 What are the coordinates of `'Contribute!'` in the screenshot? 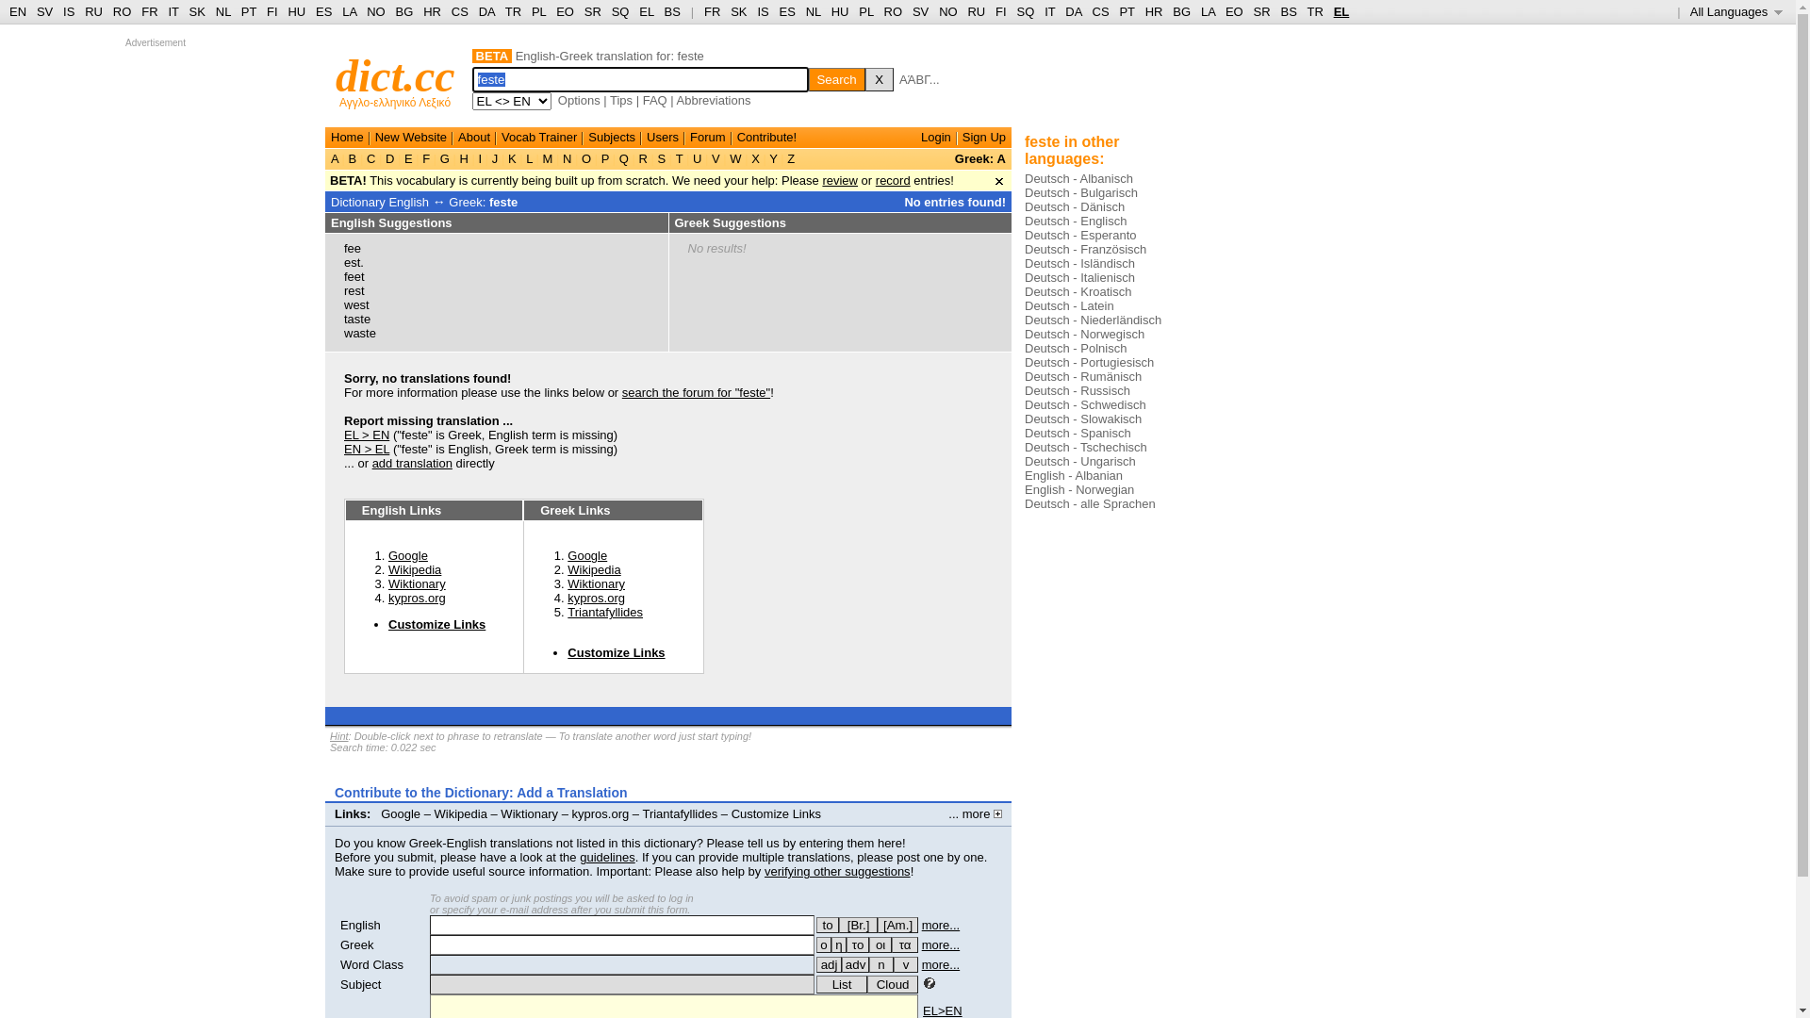 It's located at (736, 136).